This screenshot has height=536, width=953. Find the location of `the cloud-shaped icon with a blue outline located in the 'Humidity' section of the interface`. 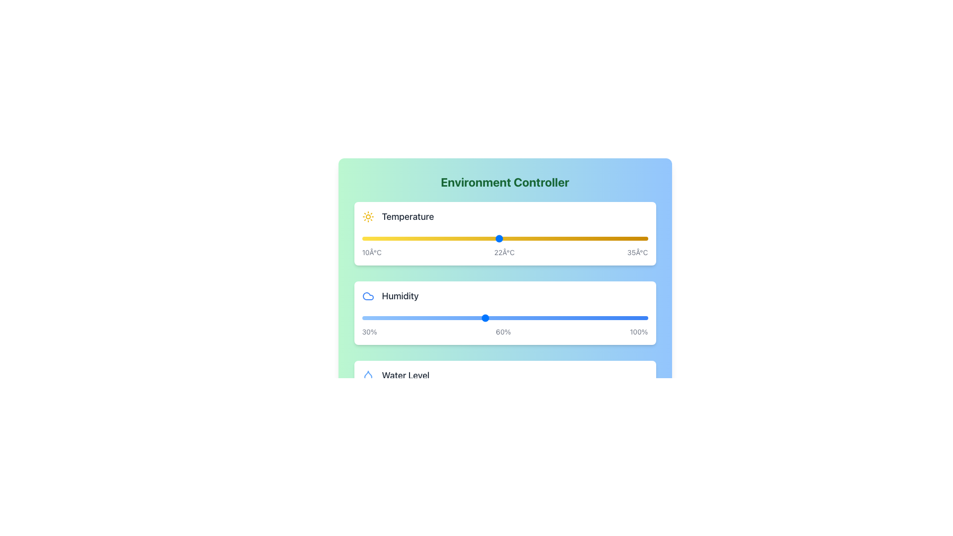

the cloud-shaped icon with a blue outline located in the 'Humidity' section of the interface is located at coordinates (367, 296).